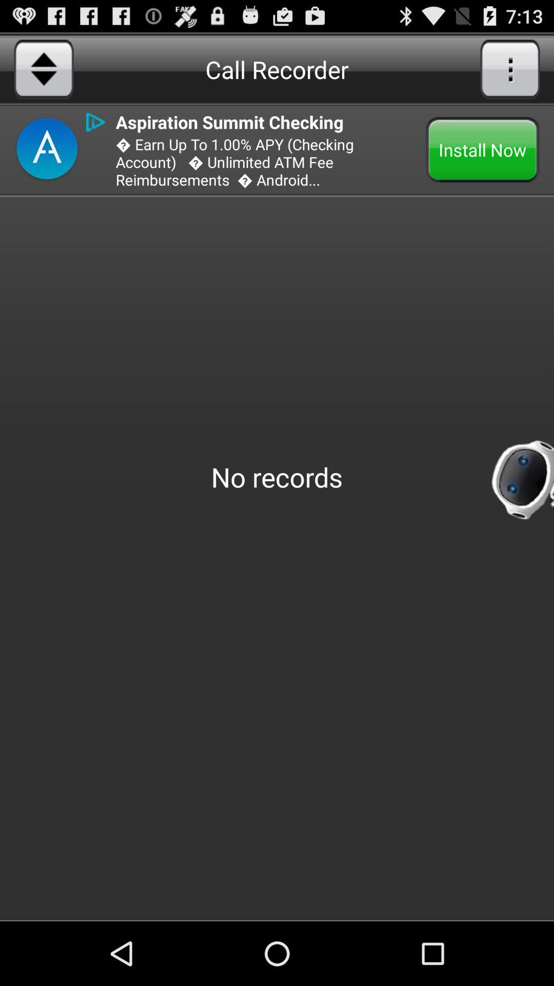 The height and width of the screenshot is (986, 554). What do you see at coordinates (522, 476) in the screenshot?
I see `the robot image` at bounding box center [522, 476].